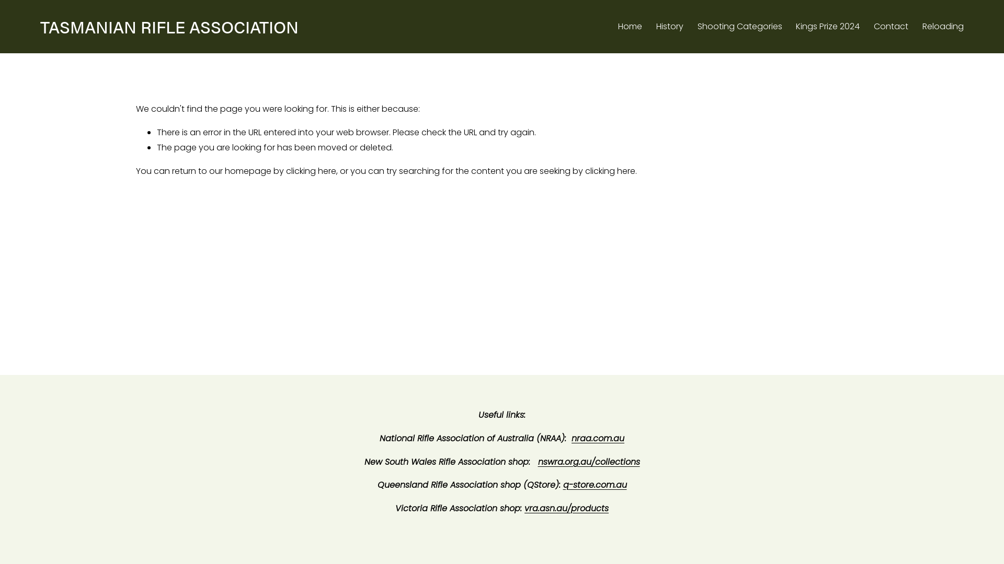 Image resolution: width=1004 pixels, height=564 pixels. Describe the element at coordinates (311, 170) in the screenshot. I see `'clicking here'` at that location.